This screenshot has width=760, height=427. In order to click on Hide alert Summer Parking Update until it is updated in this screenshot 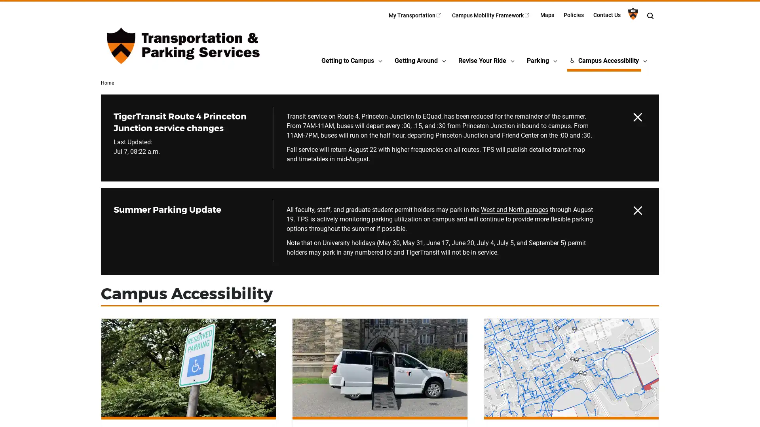, I will do `click(638, 210)`.